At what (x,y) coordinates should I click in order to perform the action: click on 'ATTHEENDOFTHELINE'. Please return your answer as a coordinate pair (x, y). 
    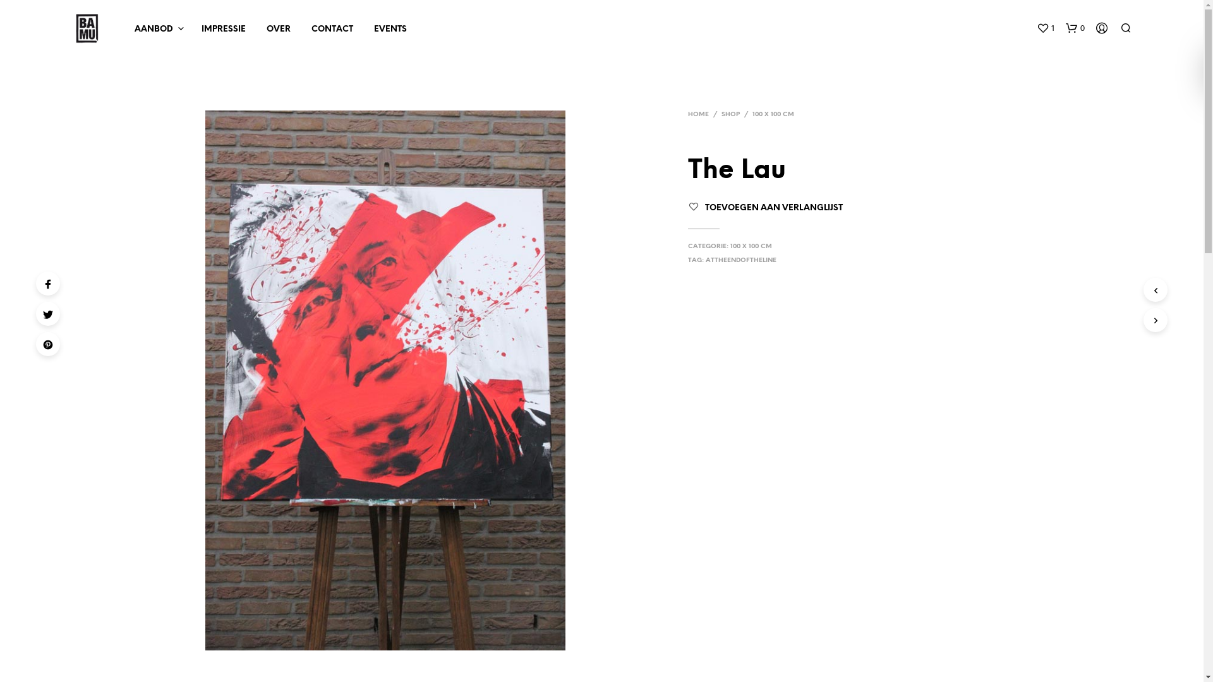
    Looking at the image, I should click on (740, 260).